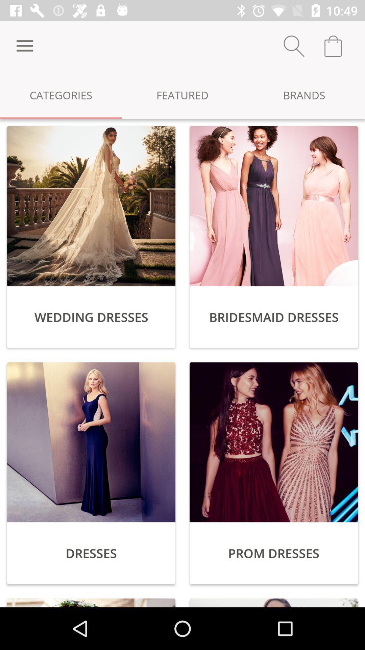 This screenshot has width=365, height=650. Describe the element at coordinates (182, 94) in the screenshot. I see `item to the left of brands icon` at that location.